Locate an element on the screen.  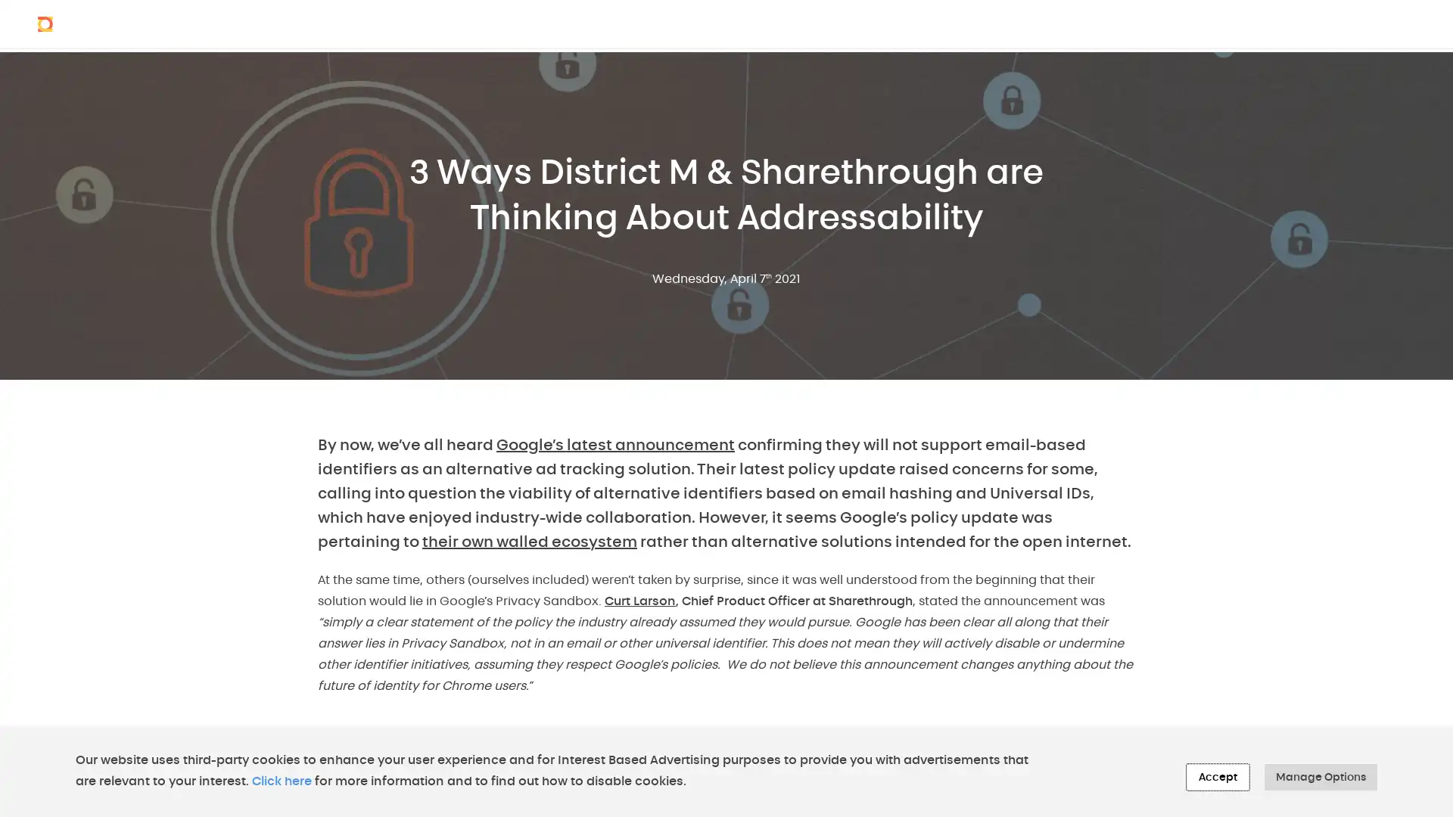
Manage Options is located at coordinates (1320, 777).